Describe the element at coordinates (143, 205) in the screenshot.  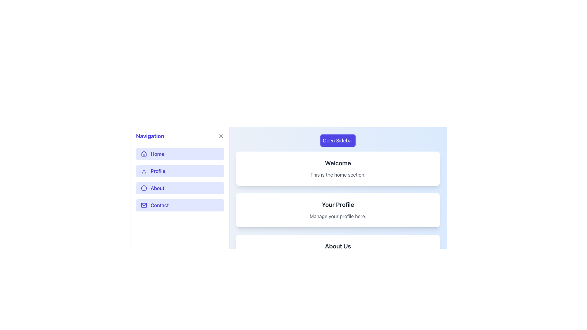
I see `the decorative envelope icon that represents the 'Contact' option in the navigation section of the webpage` at that location.